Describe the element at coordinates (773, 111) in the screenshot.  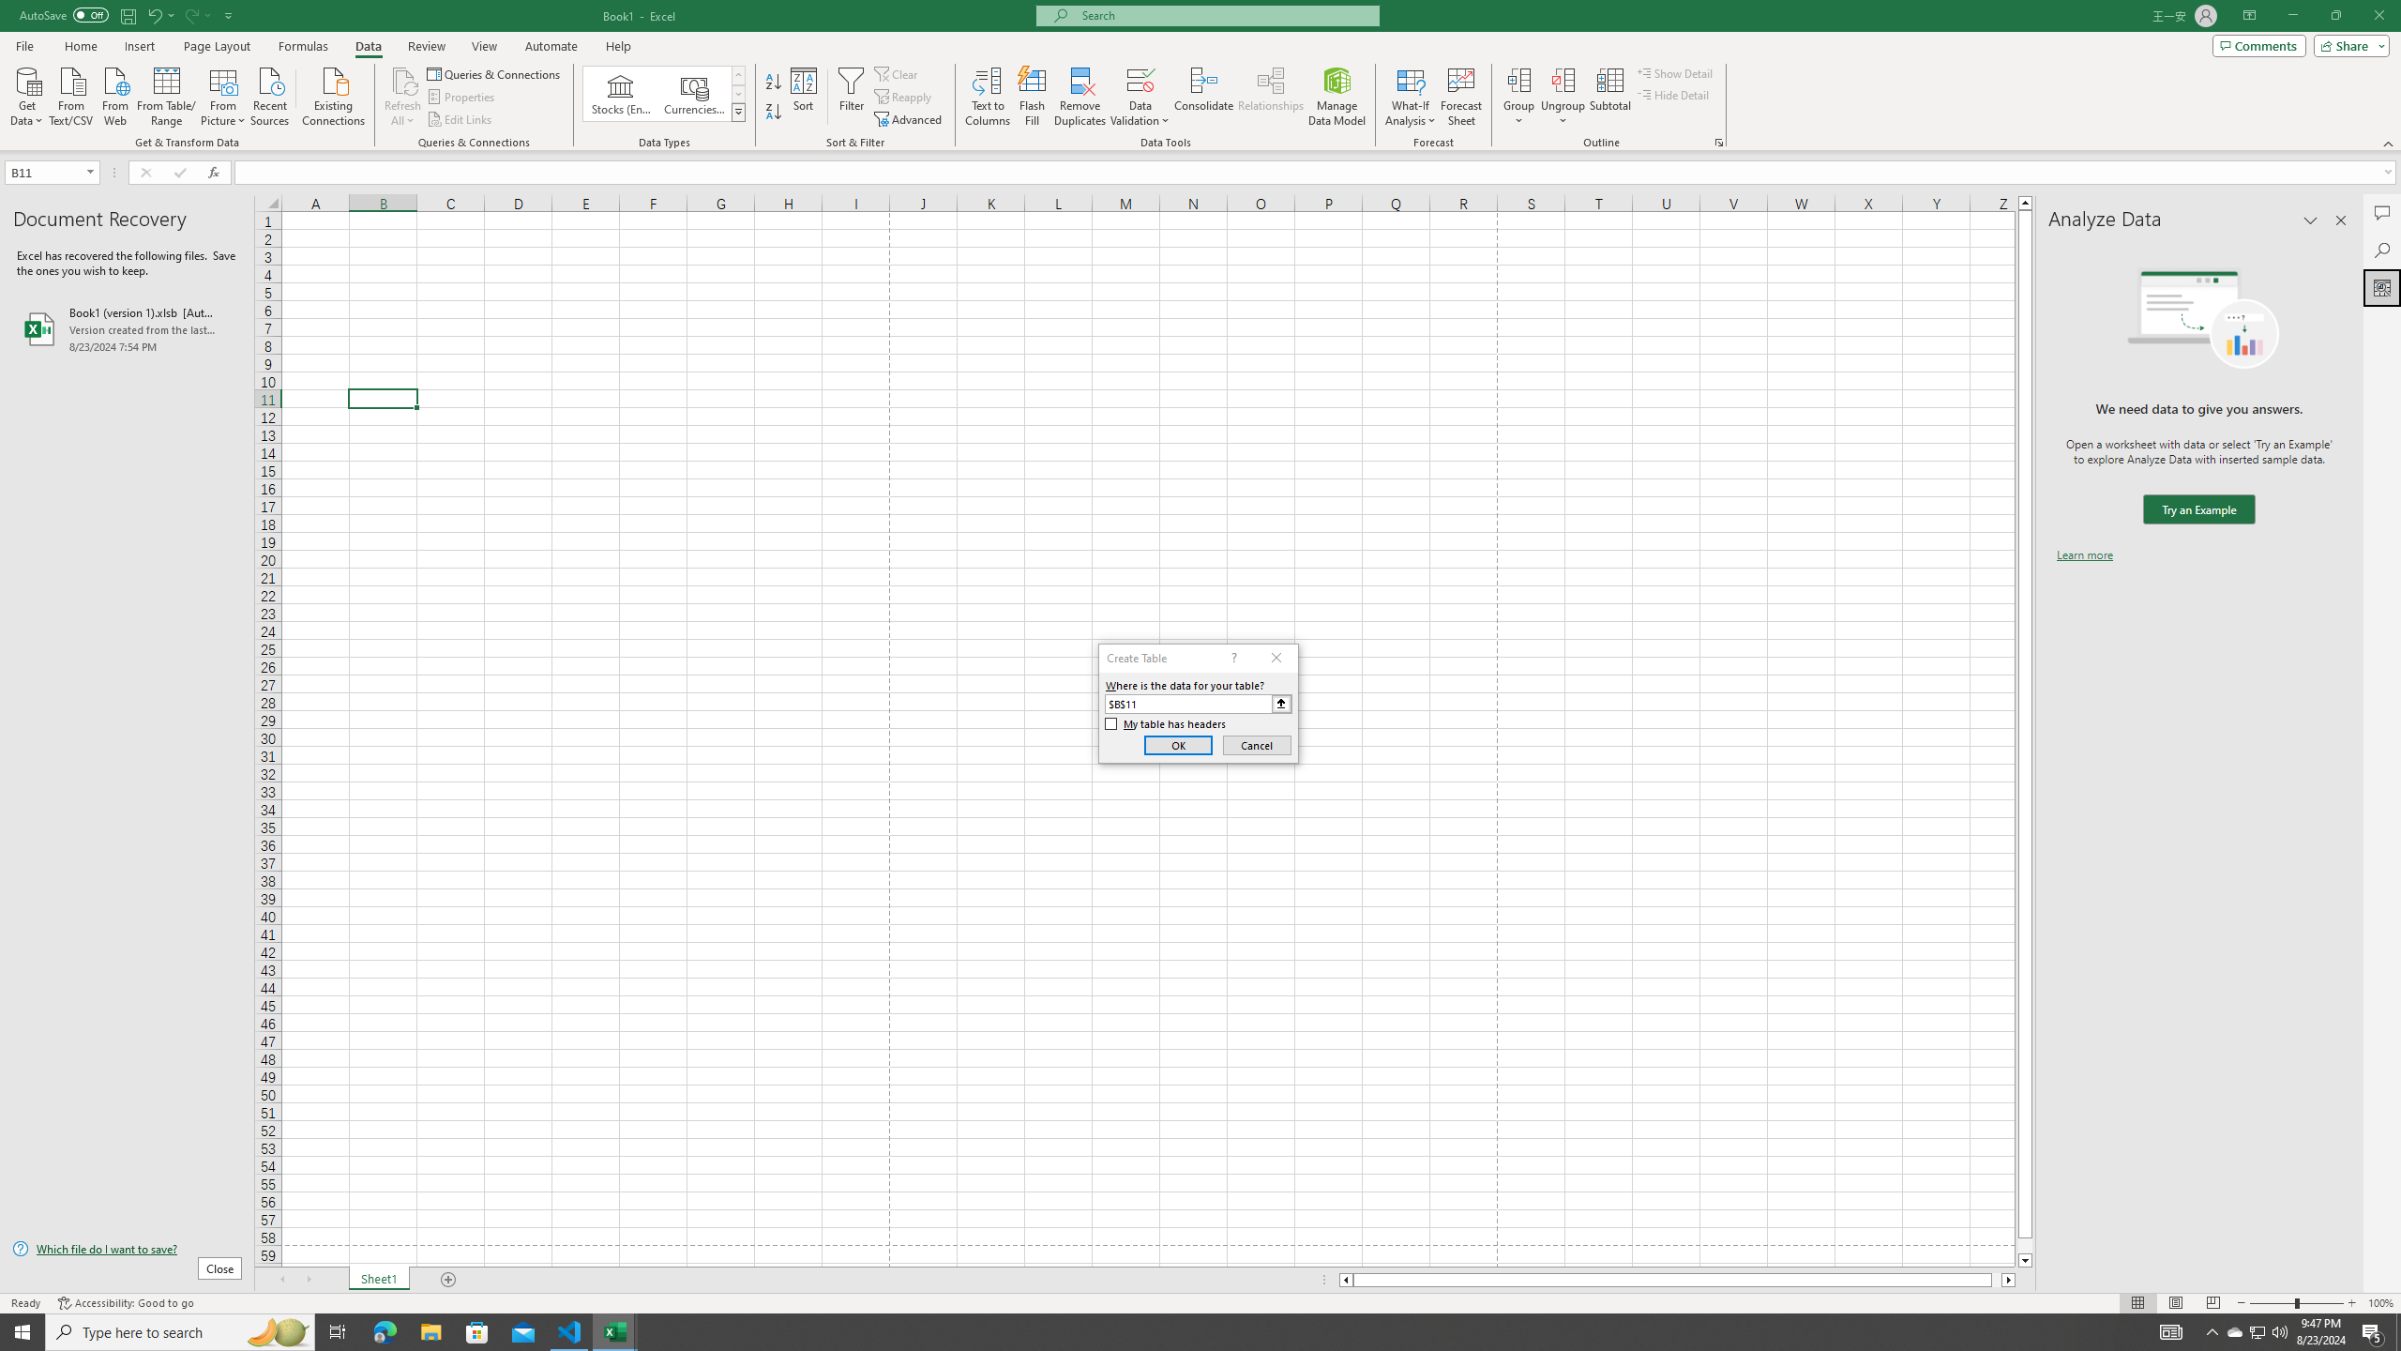
I see `'Sort Z to A'` at that location.